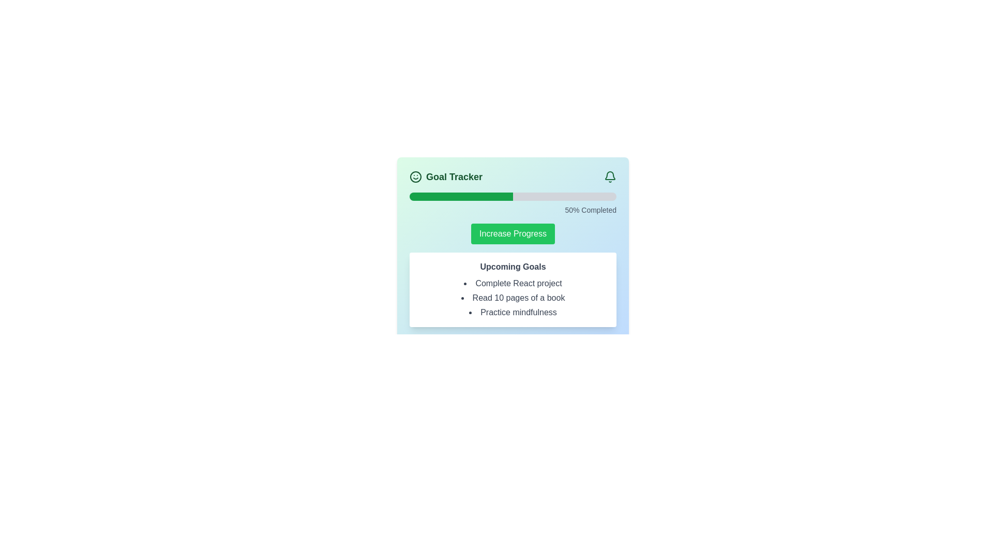 This screenshot has width=993, height=559. Describe the element at coordinates (446, 176) in the screenshot. I see `the 'Goal Tracker' header label located in the upper-left part of the card layout` at that location.